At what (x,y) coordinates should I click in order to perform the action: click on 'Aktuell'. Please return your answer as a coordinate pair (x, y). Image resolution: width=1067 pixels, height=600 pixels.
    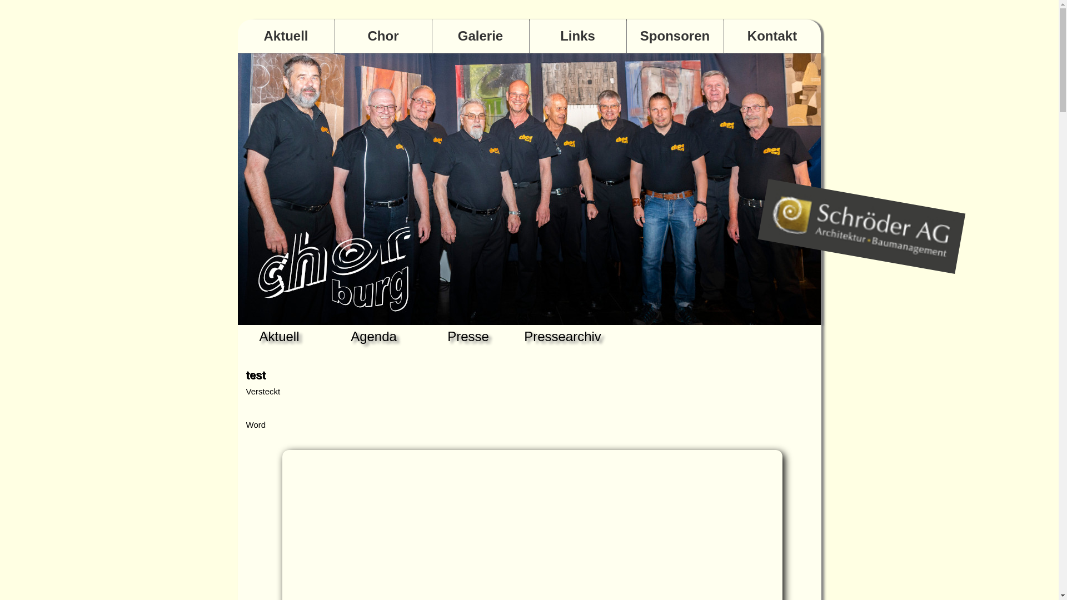
    Looking at the image, I should click on (237, 36).